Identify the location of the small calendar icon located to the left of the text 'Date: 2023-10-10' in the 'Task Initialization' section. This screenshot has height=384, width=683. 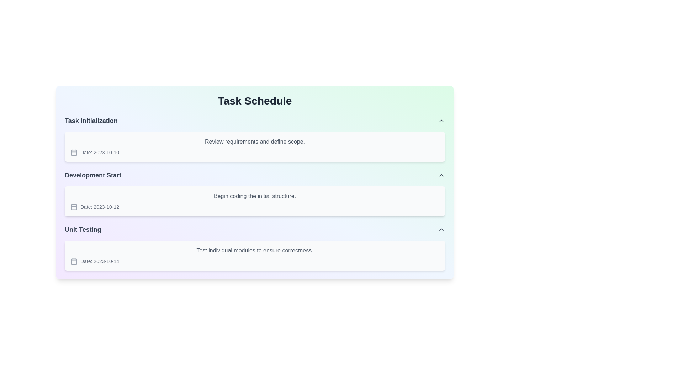
(74, 152).